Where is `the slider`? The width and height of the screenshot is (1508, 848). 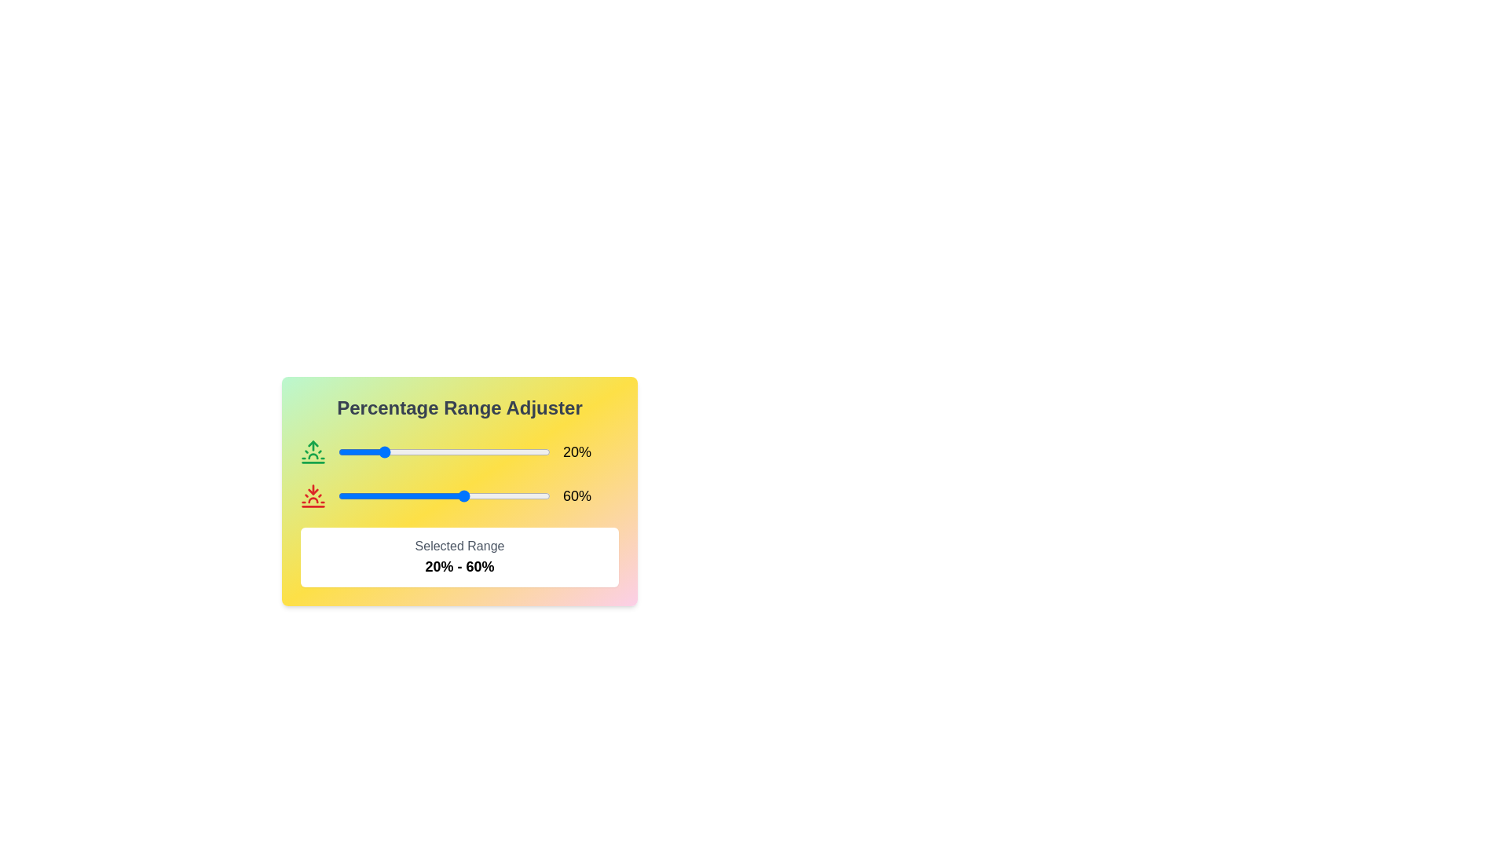
the slider is located at coordinates (379, 496).